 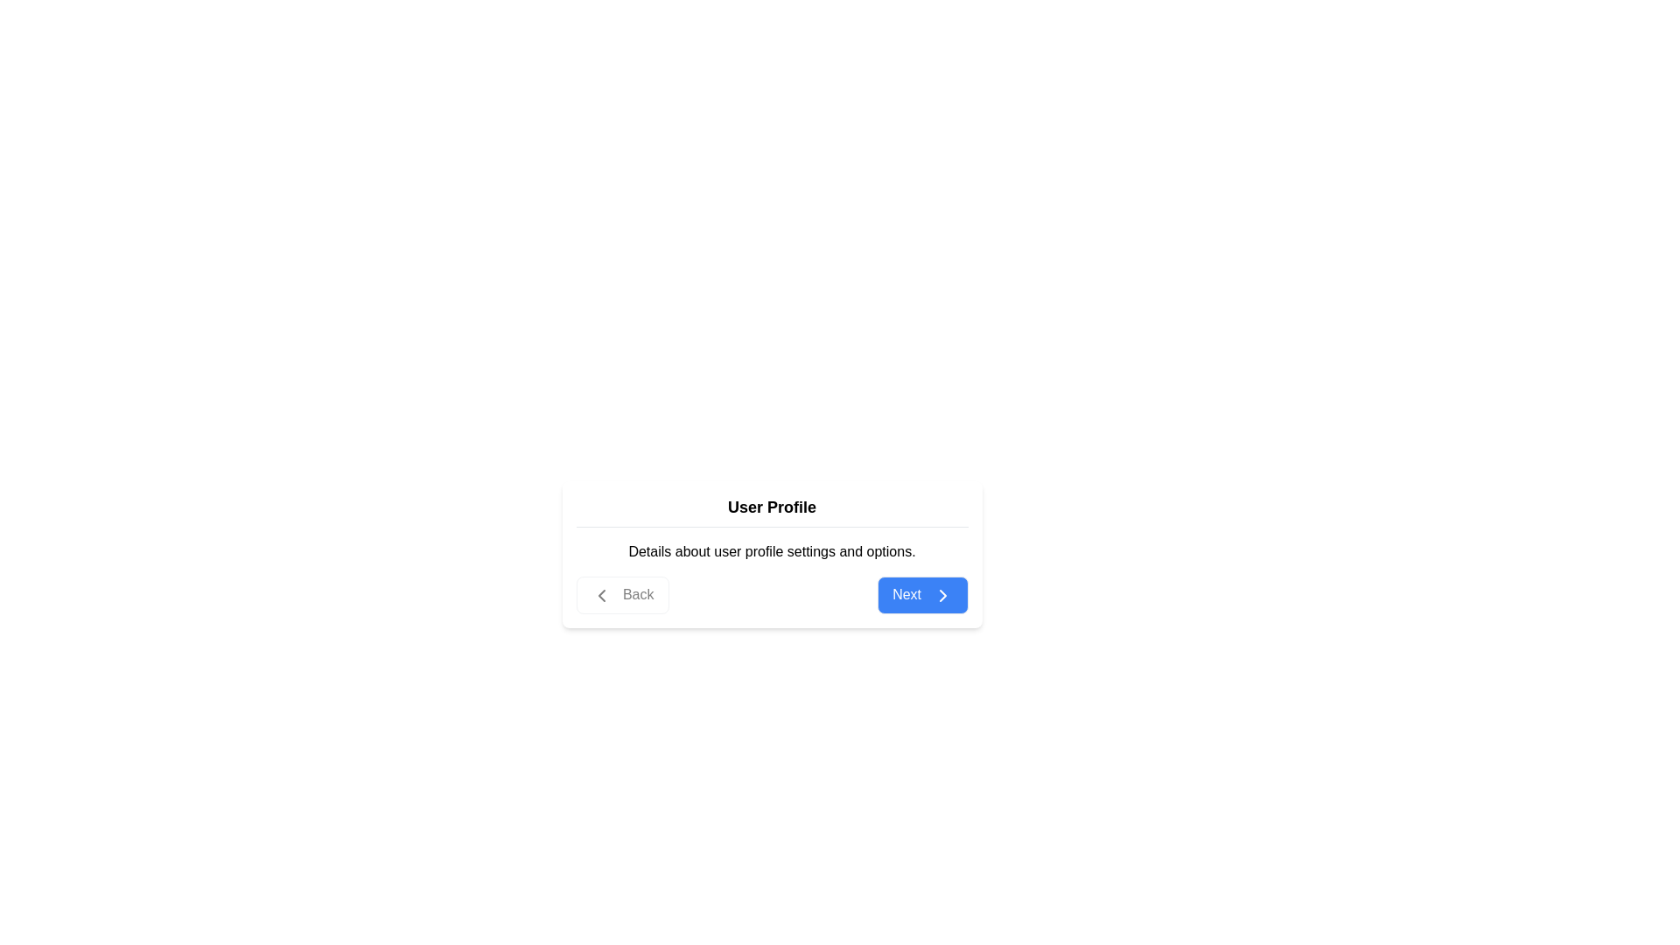 I want to click on the heading text element that serves as the title for its section, providing context for the information displayed, so click(x=771, y=511).